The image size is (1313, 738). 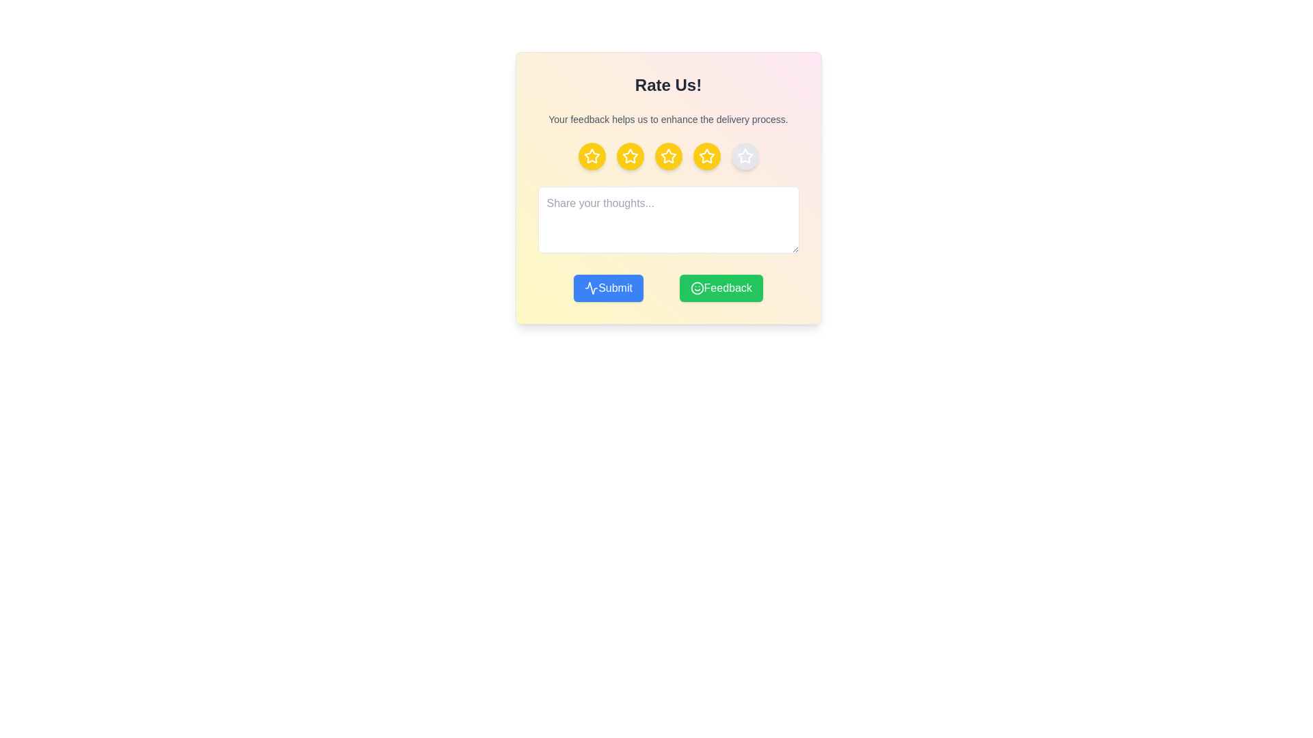 I want to click on the rating to 5 stars by clicking on the corresponding star, so click(x=744, y=155).